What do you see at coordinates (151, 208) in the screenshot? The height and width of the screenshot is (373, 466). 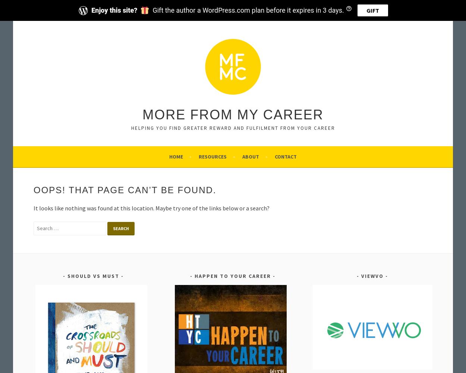 I see `'It looks like nothing was found at this location. Maybe try one of the links below or a search?'` at bounding box center [151, 208].